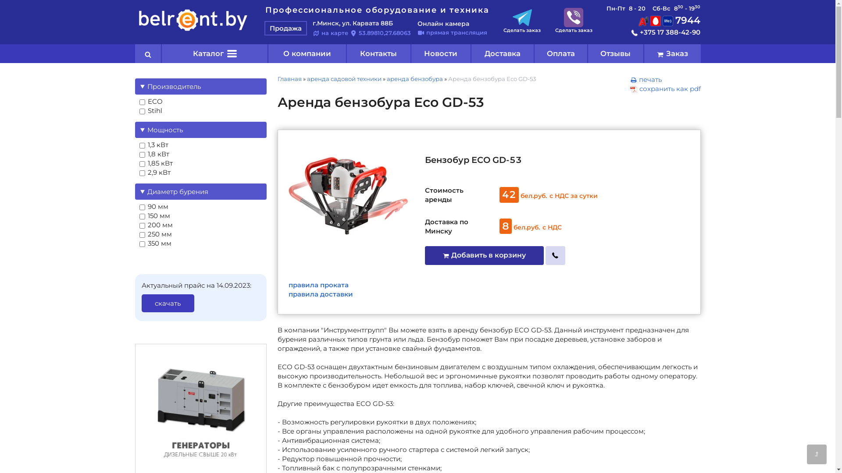 Image resolution: width=842 pixels, height=473 pixels. What do you see at coordinates (380, 32) in the screenshot?
I see `'53.89810,27.68063'` at bounding box center [380, 32].